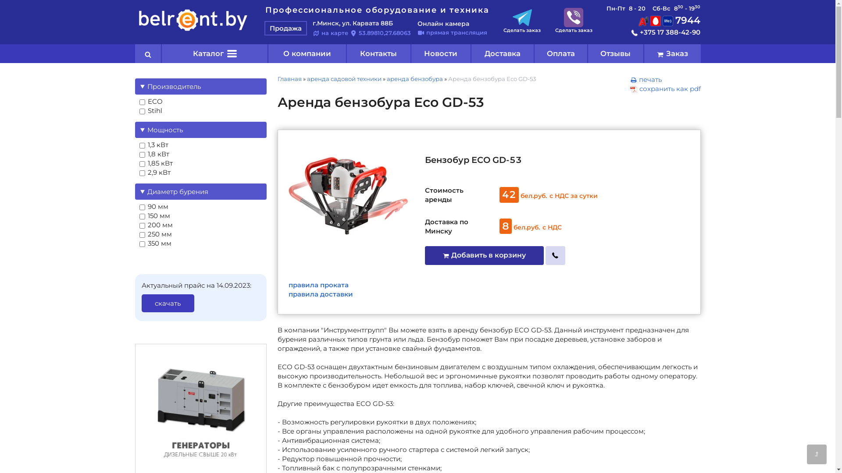 Image resolution: width=842 pixels, height=473 pixels. What do you see at coordinates (380, 32) in the screenshot?
I see `'53.89810,27.68063'` at bounding box center [380, 32].